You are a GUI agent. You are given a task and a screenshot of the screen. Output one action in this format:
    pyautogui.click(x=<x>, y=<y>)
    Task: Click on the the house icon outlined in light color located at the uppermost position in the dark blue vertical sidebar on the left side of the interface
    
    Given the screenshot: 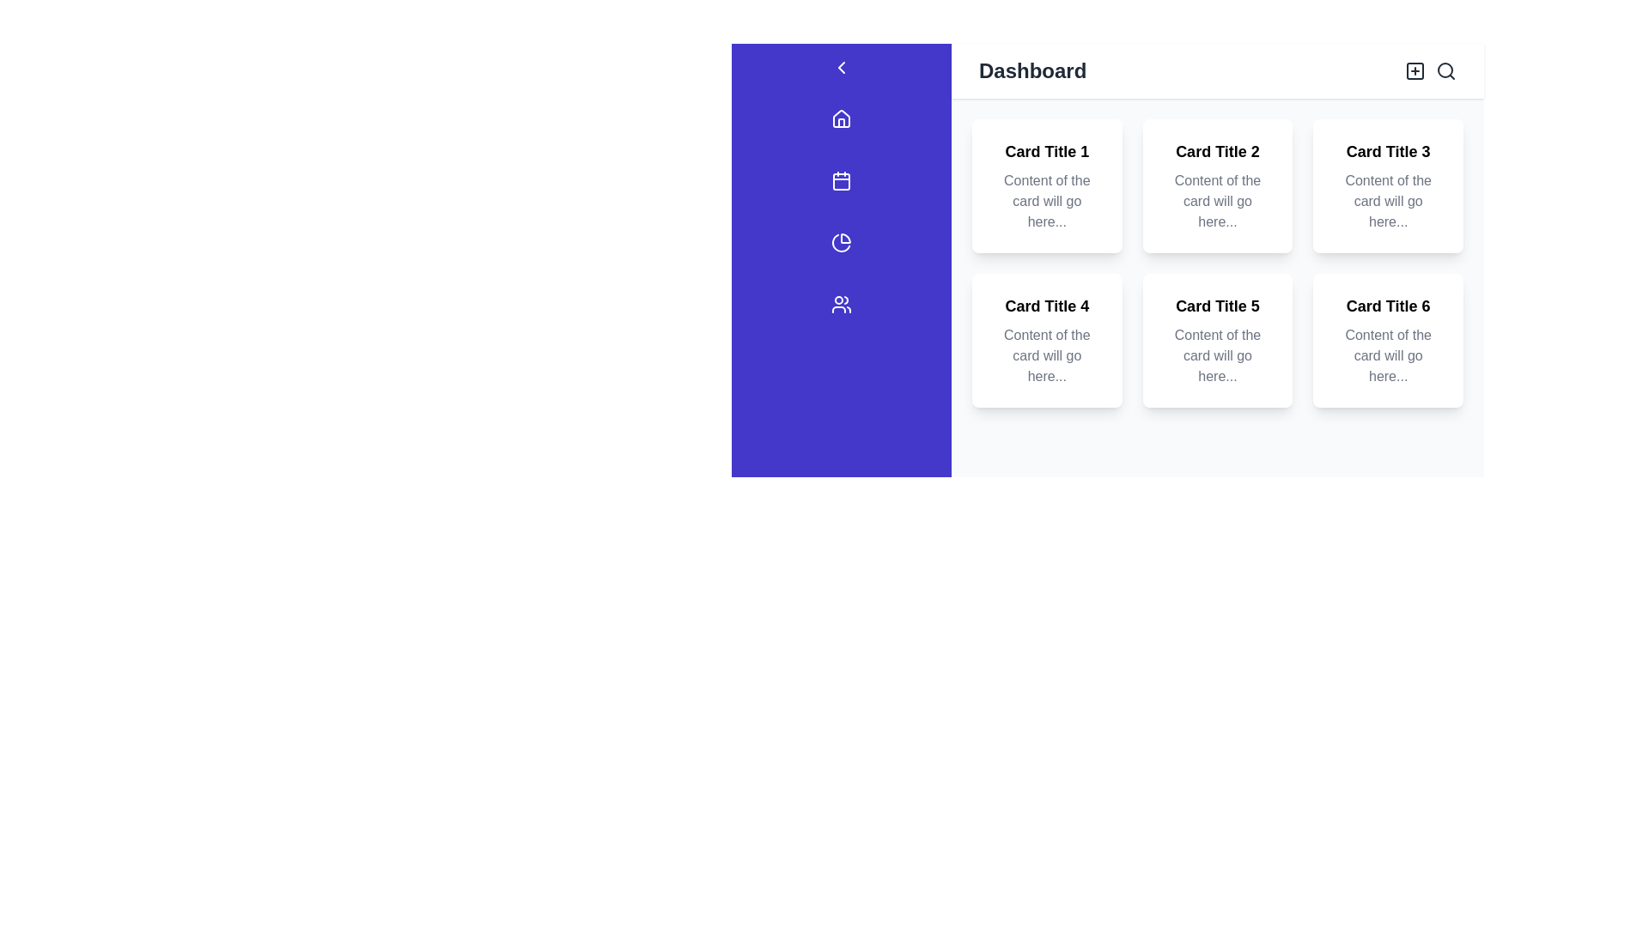 What is the action you would take?
    pyautogui.click(x=841, y=118)
    